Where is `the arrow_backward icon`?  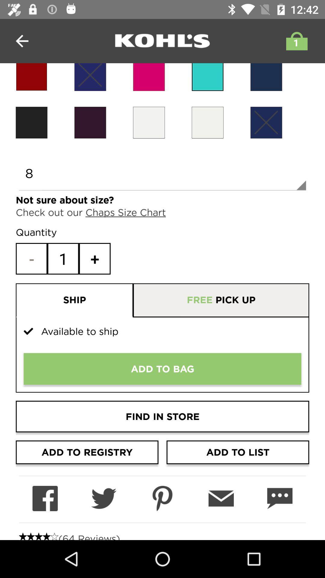
the arrow_backward icon is located at coordinates (22, 41).